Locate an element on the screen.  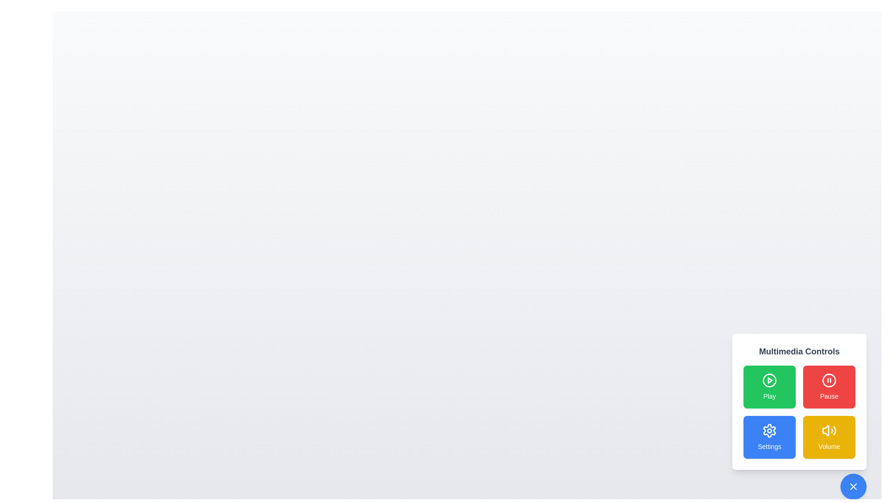
the circular blue button with a white cross icon located is located at coordinates (853, 486).